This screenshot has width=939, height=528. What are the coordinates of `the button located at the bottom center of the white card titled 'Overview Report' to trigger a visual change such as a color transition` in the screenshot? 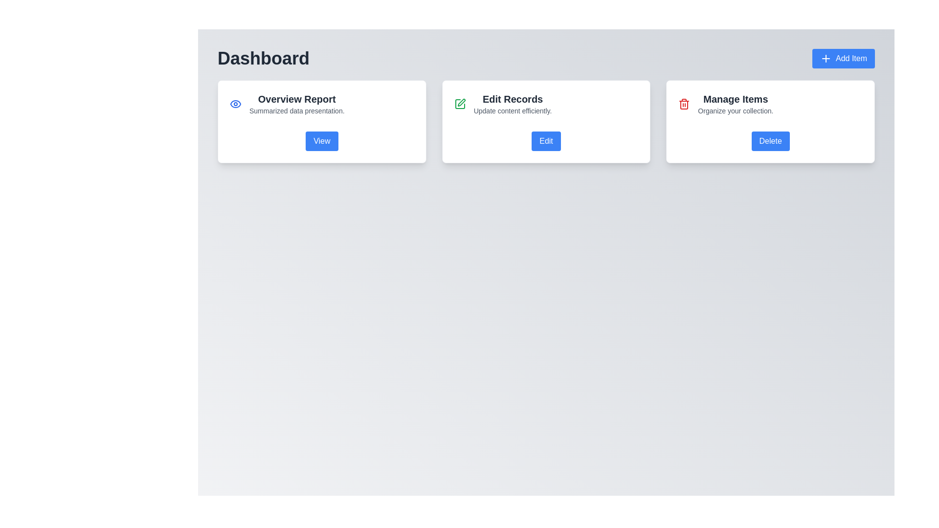 It's located at (322, 141).